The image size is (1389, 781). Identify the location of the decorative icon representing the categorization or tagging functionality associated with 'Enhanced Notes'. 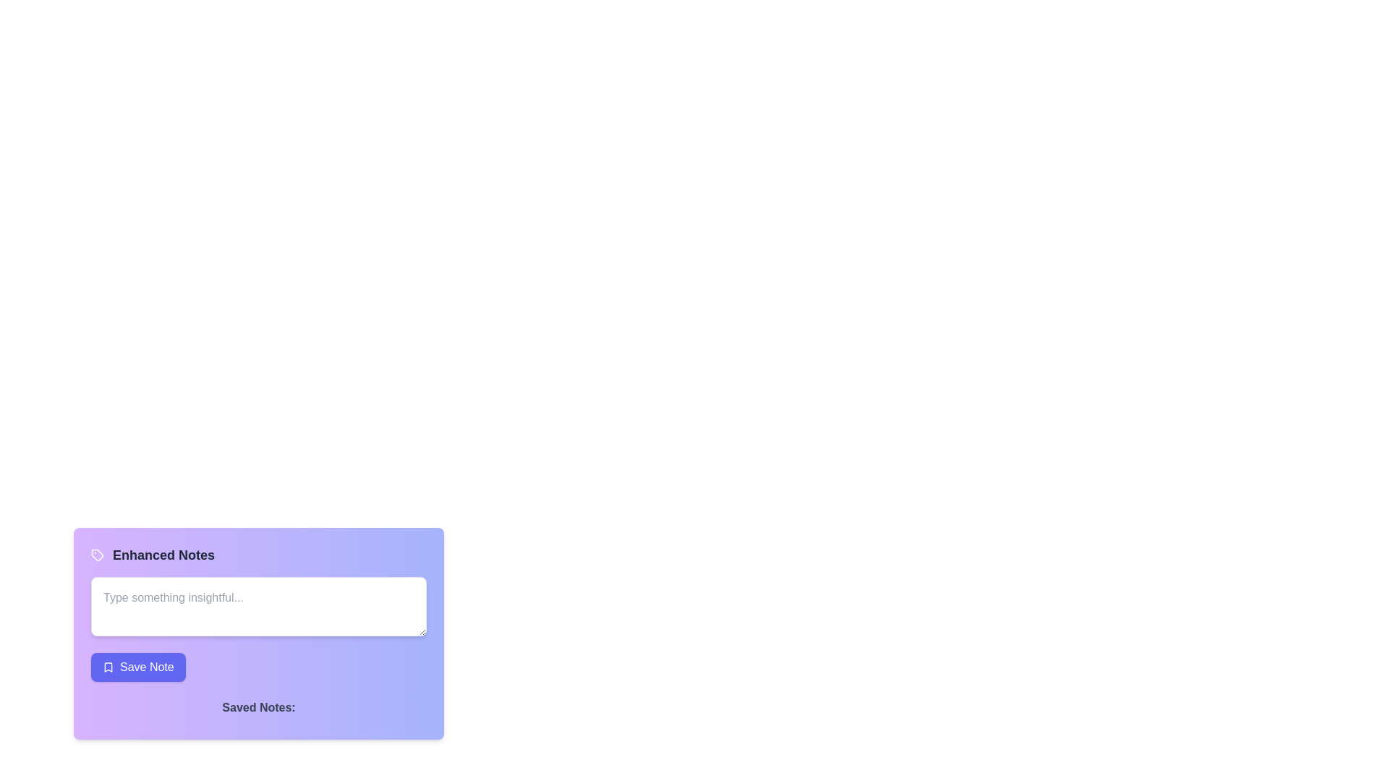
(96, 554).